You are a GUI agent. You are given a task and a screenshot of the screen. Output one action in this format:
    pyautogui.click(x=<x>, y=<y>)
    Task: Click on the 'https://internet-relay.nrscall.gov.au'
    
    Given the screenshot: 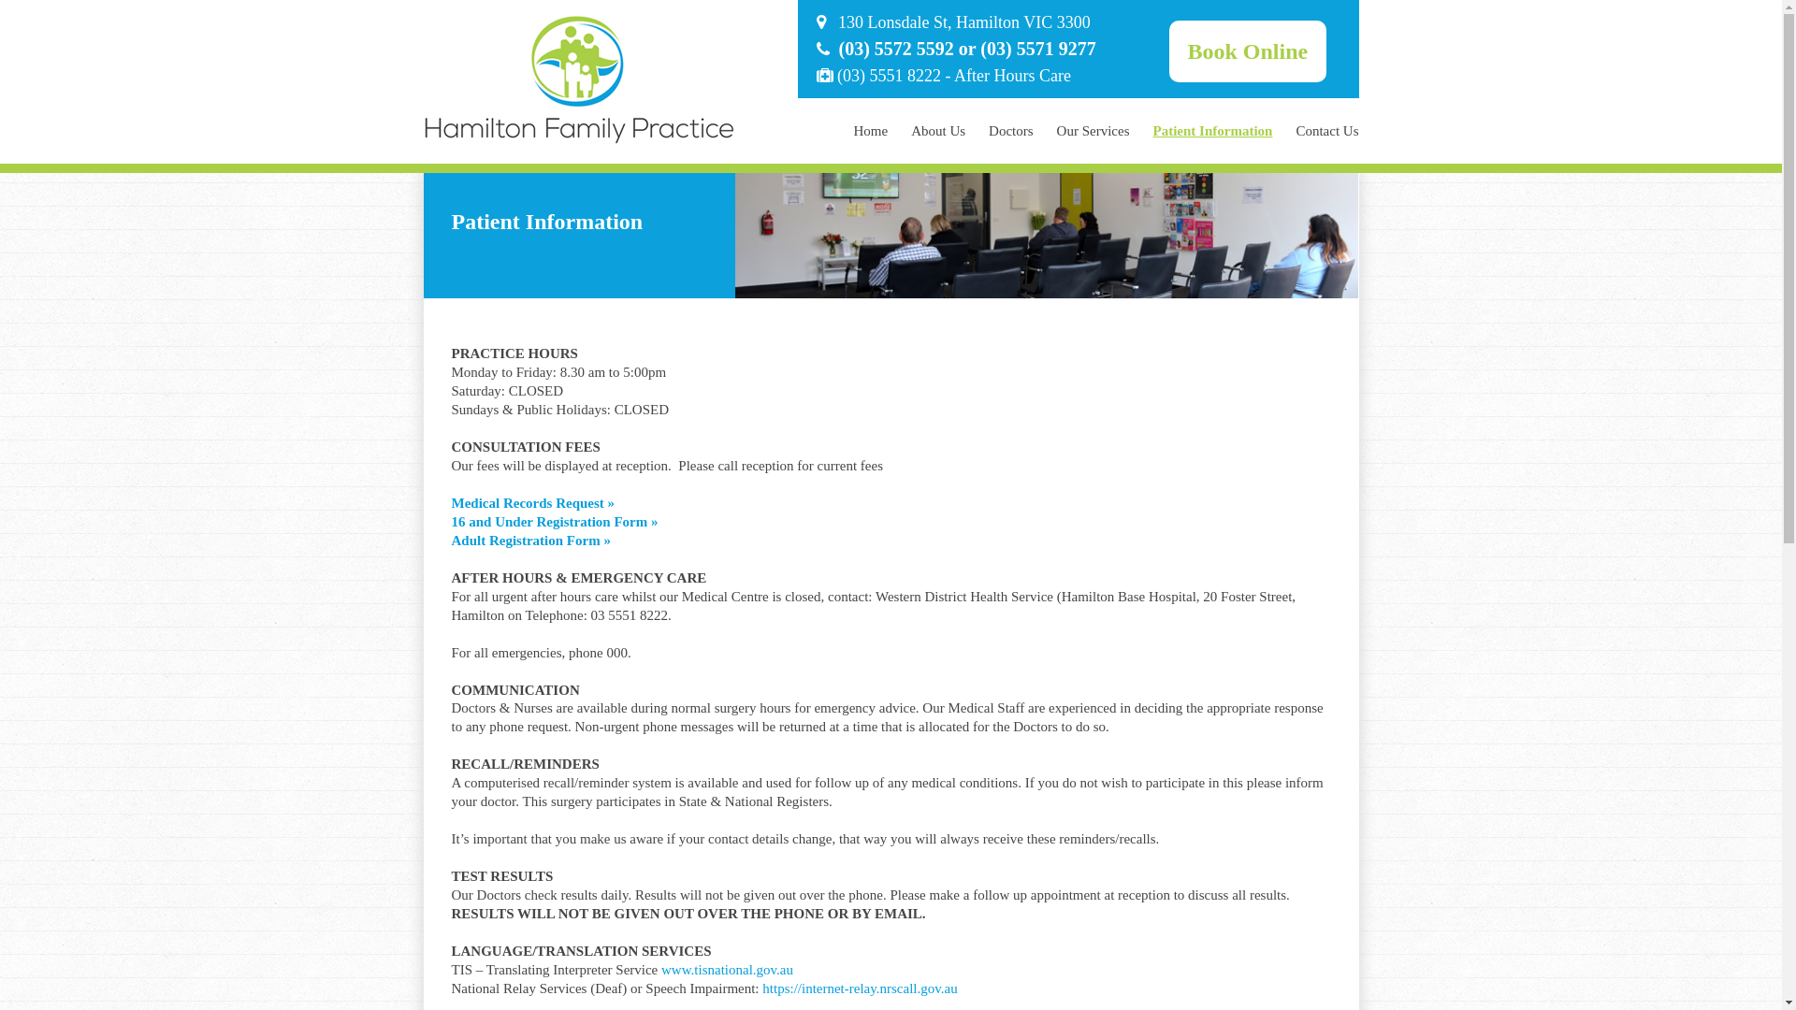 What is the action you would take?
    pyautogui.click(x=858, y=987)
    